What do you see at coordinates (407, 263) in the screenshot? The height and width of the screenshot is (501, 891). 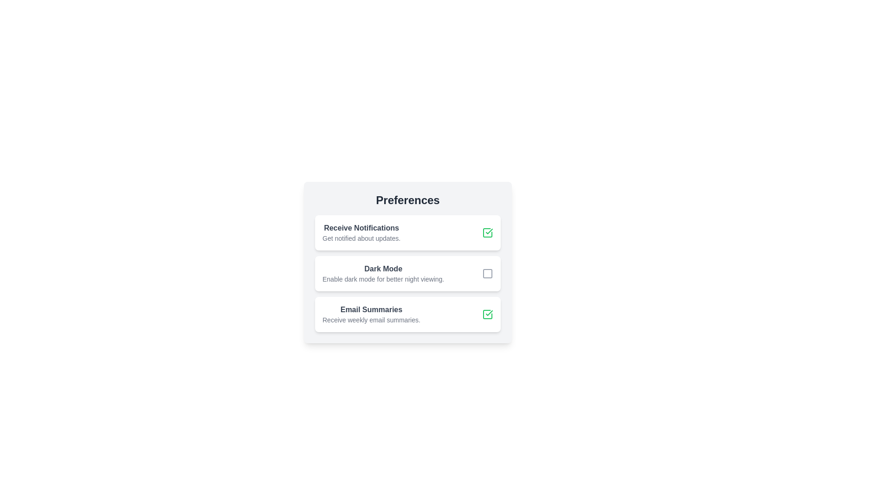 I see `title and description of the dark mode setting checkbox card, which is the second card in the preferences section, located between the 'Receive Notifications' card and the 'Email Summaries' card` at bounding box center [407, 263].